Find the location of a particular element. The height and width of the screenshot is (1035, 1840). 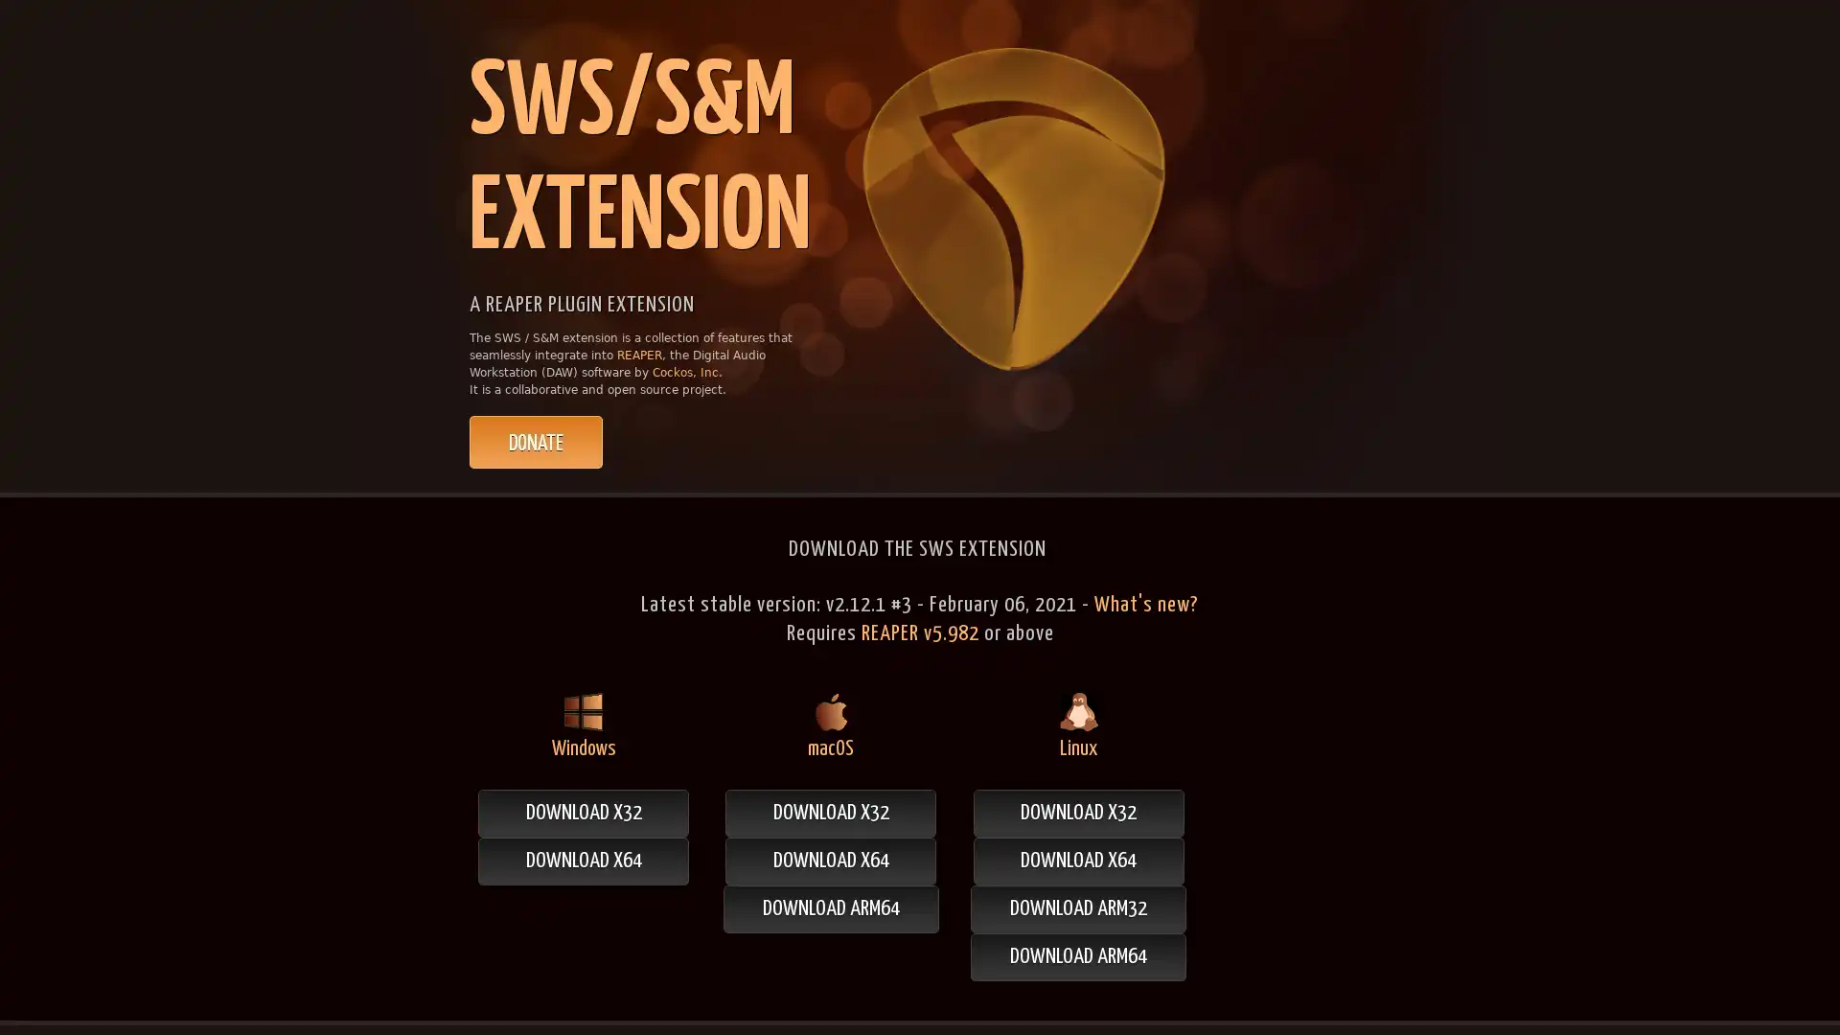

DOWNLOAD X64 is located at coordinates (611, 860).